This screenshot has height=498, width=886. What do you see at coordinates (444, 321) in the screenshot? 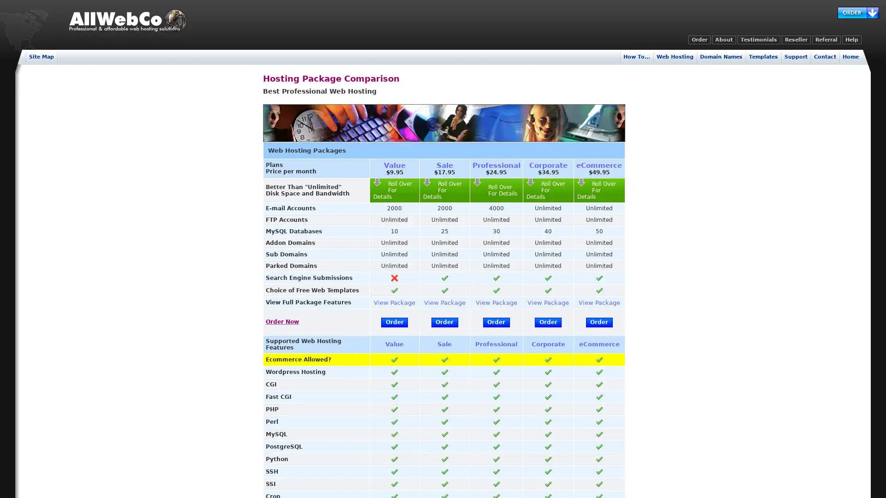
I see `Order` at bounding box center [444, 321].